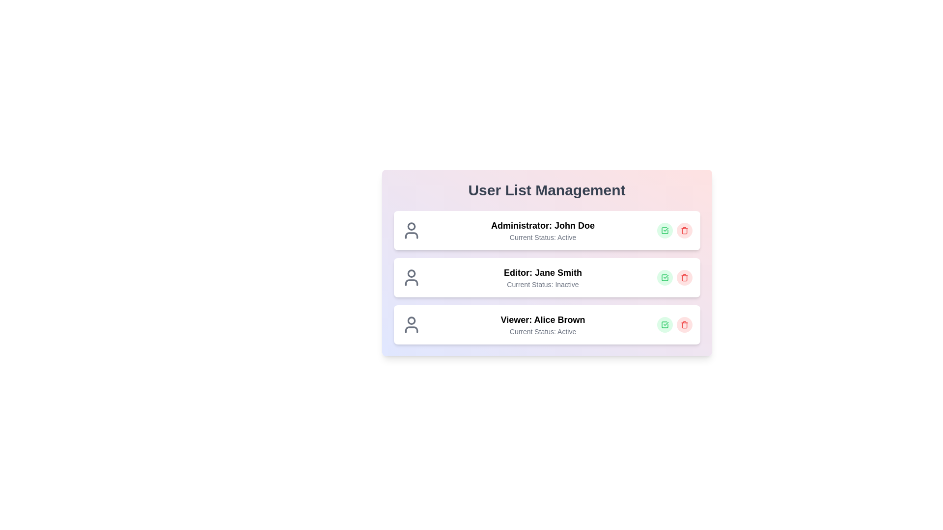 The image size is (943, 530). Describe the element at coordinates (542, 331) in the screenshot. I see `the text element reading 'Current Status: Active', which is styled with a small font size and gray color, located under the label 'Viewer: Alice Brown' in the user information block` at that location.